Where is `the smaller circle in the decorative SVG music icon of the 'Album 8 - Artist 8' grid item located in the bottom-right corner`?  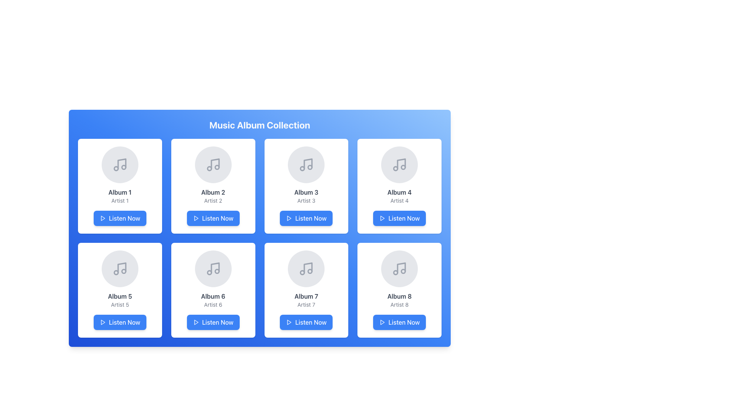
the smaller circle in the decorative SVG music icon of the 'Album 8 - Artist 8' grid item located in the bottom-right corner is located at coordinates (403, 271).